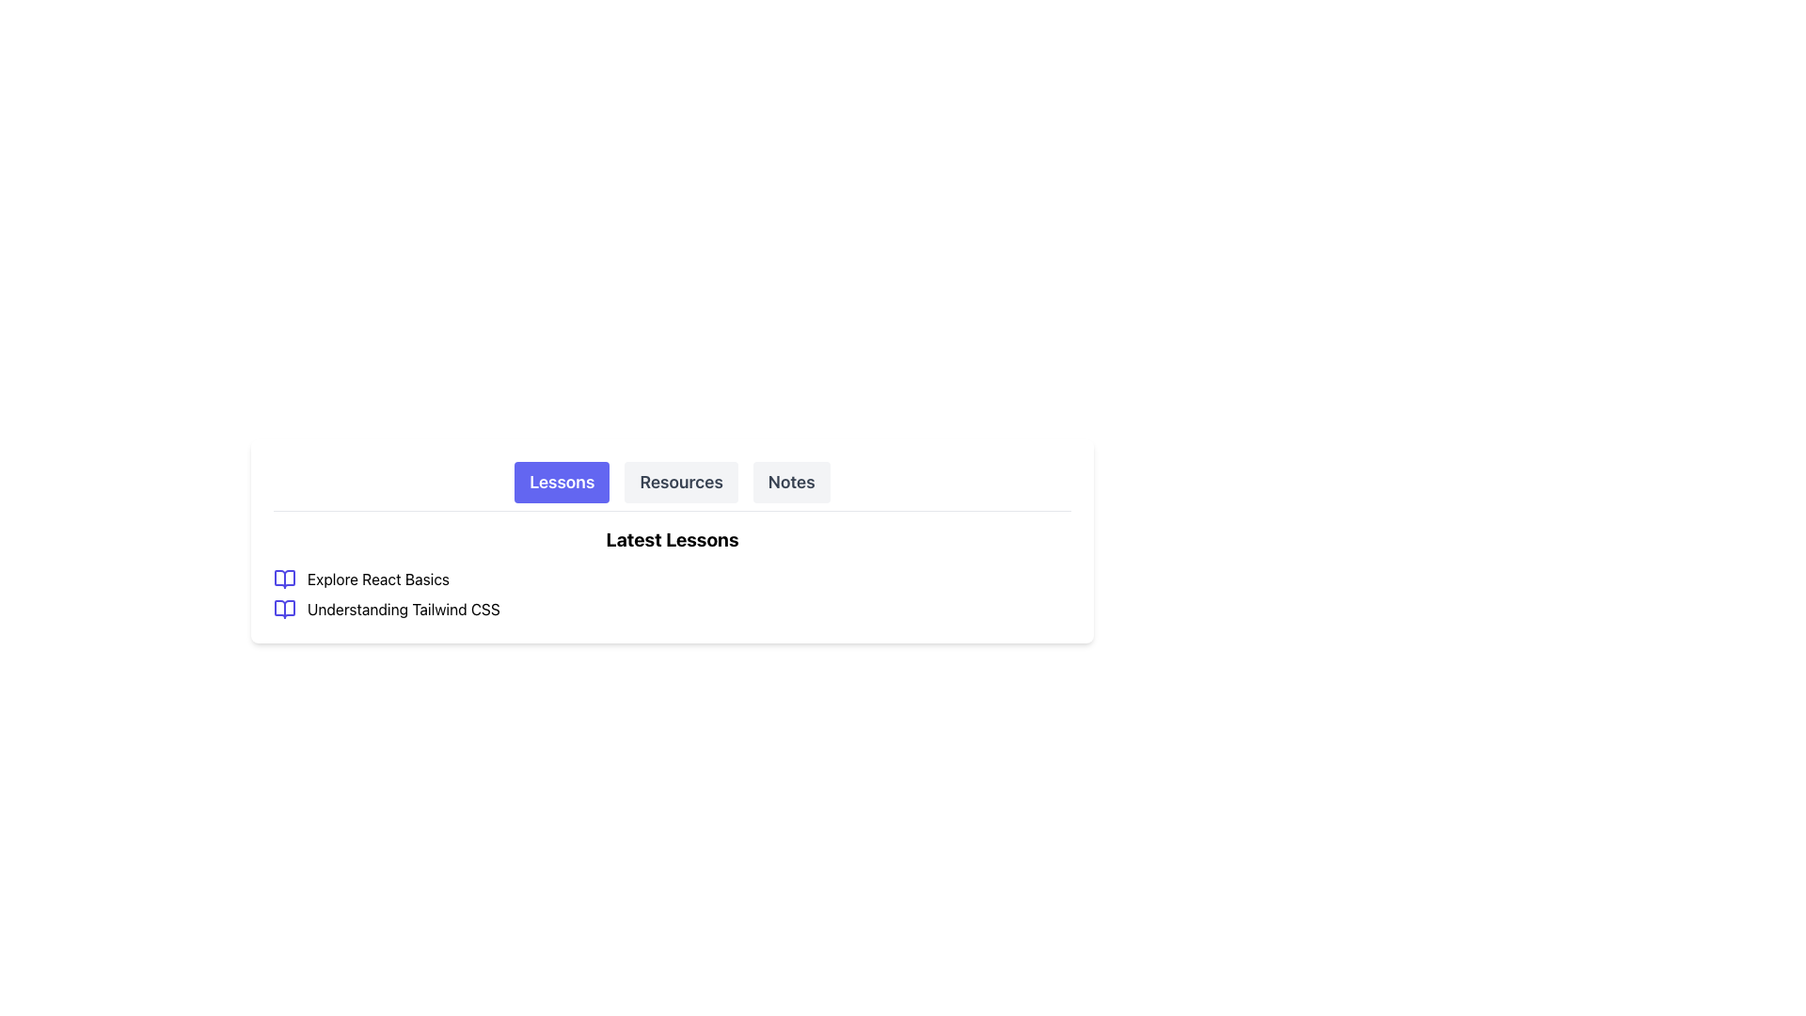 The image size is (1806, 1016). Describe the element at coordinates (283, 579) in the screenshot. I see `the indigo open book icon located to the left of the 'Explore React Basics' text` at that location.